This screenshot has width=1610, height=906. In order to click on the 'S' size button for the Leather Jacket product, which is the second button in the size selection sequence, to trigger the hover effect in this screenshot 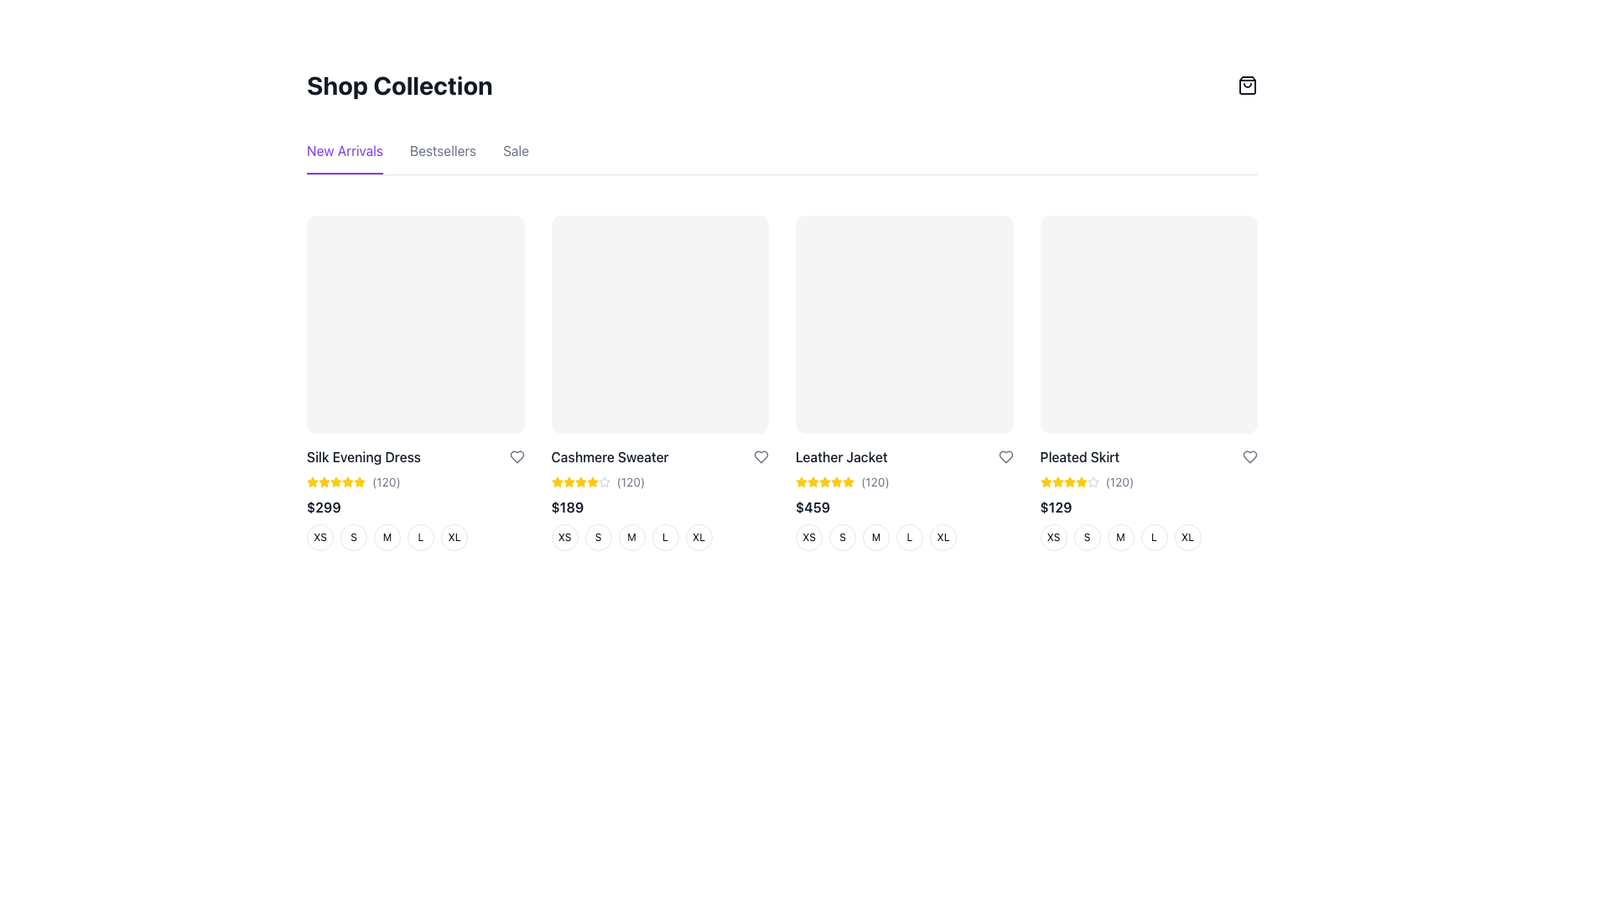, I will do `click(842, 537)`.